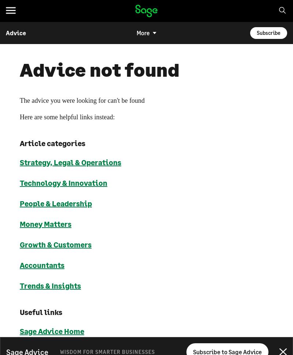  What do you see at coordinates (50, 285) in the screenshot?
I see `'Trends & Insights'` at bounding box center [50, 285].